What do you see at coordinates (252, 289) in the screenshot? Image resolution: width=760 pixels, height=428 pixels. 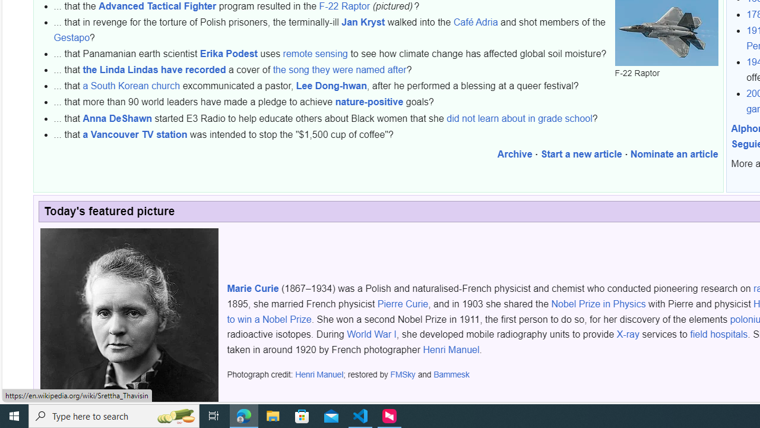 I see `'Marie Curie'` at bounding box center [252, 289].